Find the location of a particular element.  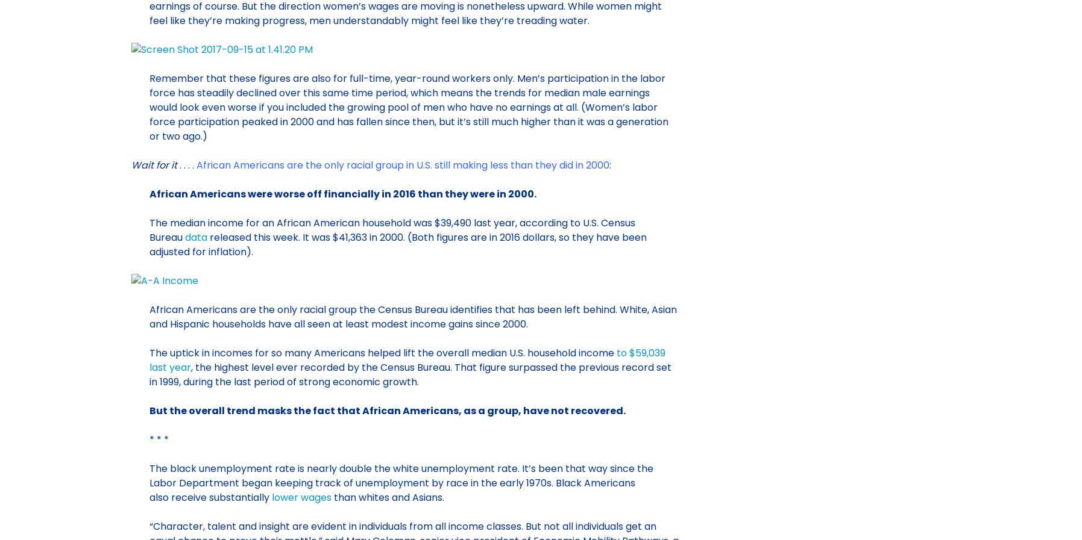

', the highest level ever recorded by the Census Bureau. That figure surpassed the previous record set in 1999, during the last period of strong economic growth.' is located at coordinates (409, 374).